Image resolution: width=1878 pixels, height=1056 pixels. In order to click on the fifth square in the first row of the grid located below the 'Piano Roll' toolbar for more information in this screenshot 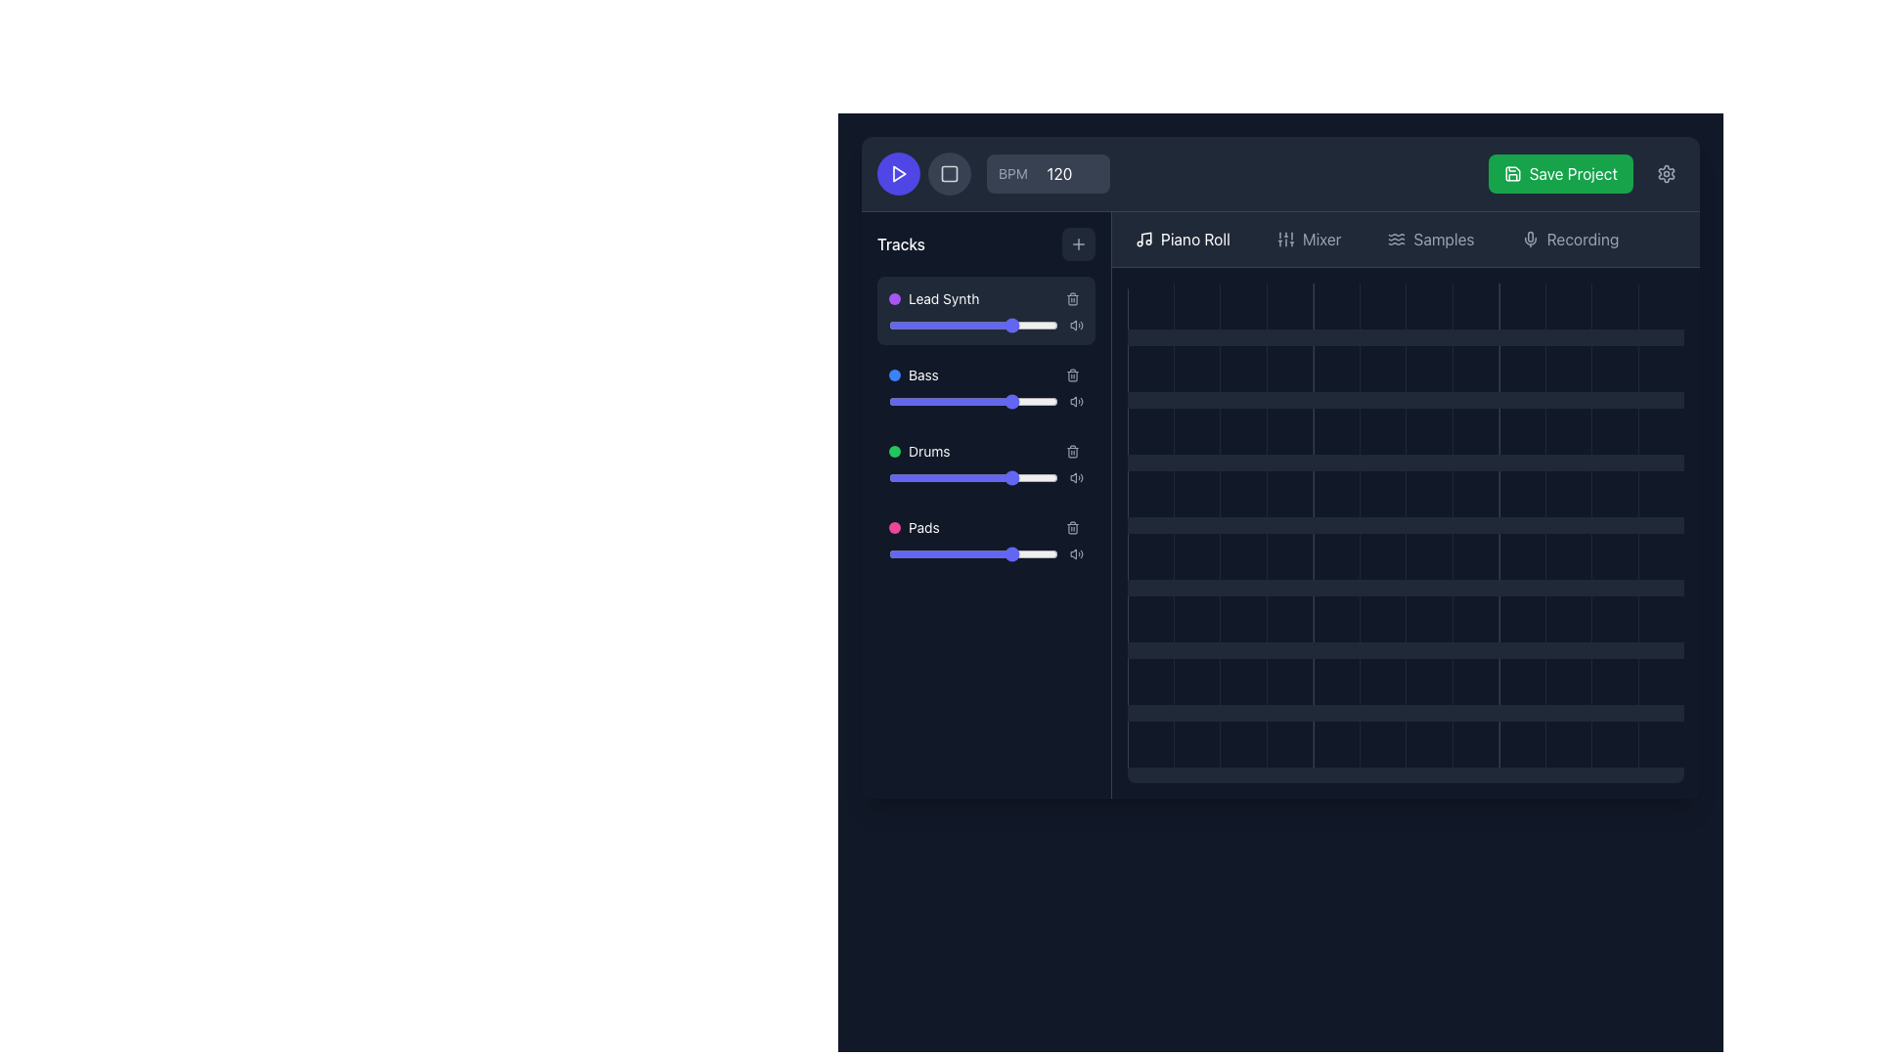, I will do `click(1335, 306)`.